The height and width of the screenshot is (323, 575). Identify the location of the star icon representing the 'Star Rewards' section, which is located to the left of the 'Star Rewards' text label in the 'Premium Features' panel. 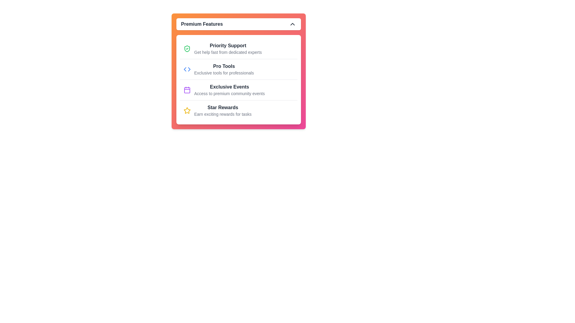
(187, 111).